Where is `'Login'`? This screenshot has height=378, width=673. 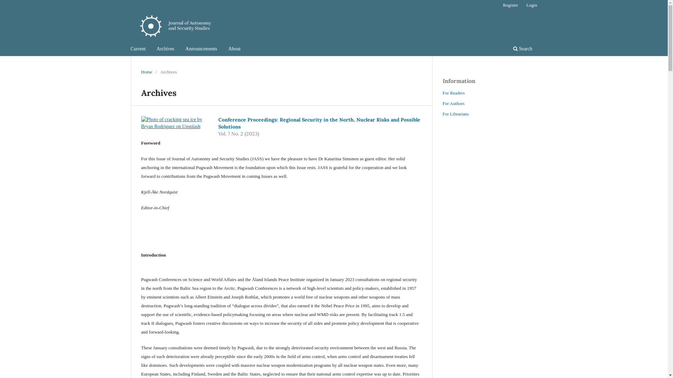
'Login' is located at coordinates (523, 5).